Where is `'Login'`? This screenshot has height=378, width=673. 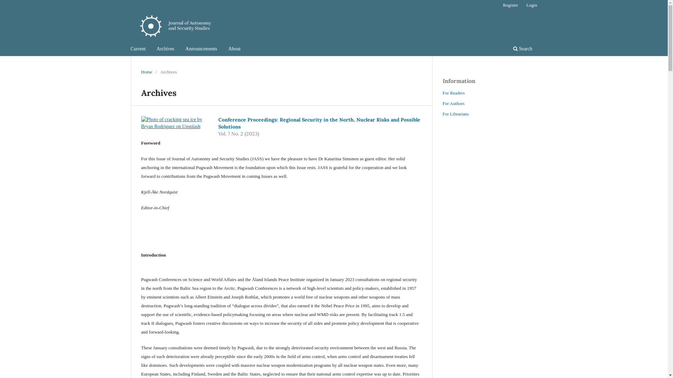
'Login' is located at coordinates (523, 5).